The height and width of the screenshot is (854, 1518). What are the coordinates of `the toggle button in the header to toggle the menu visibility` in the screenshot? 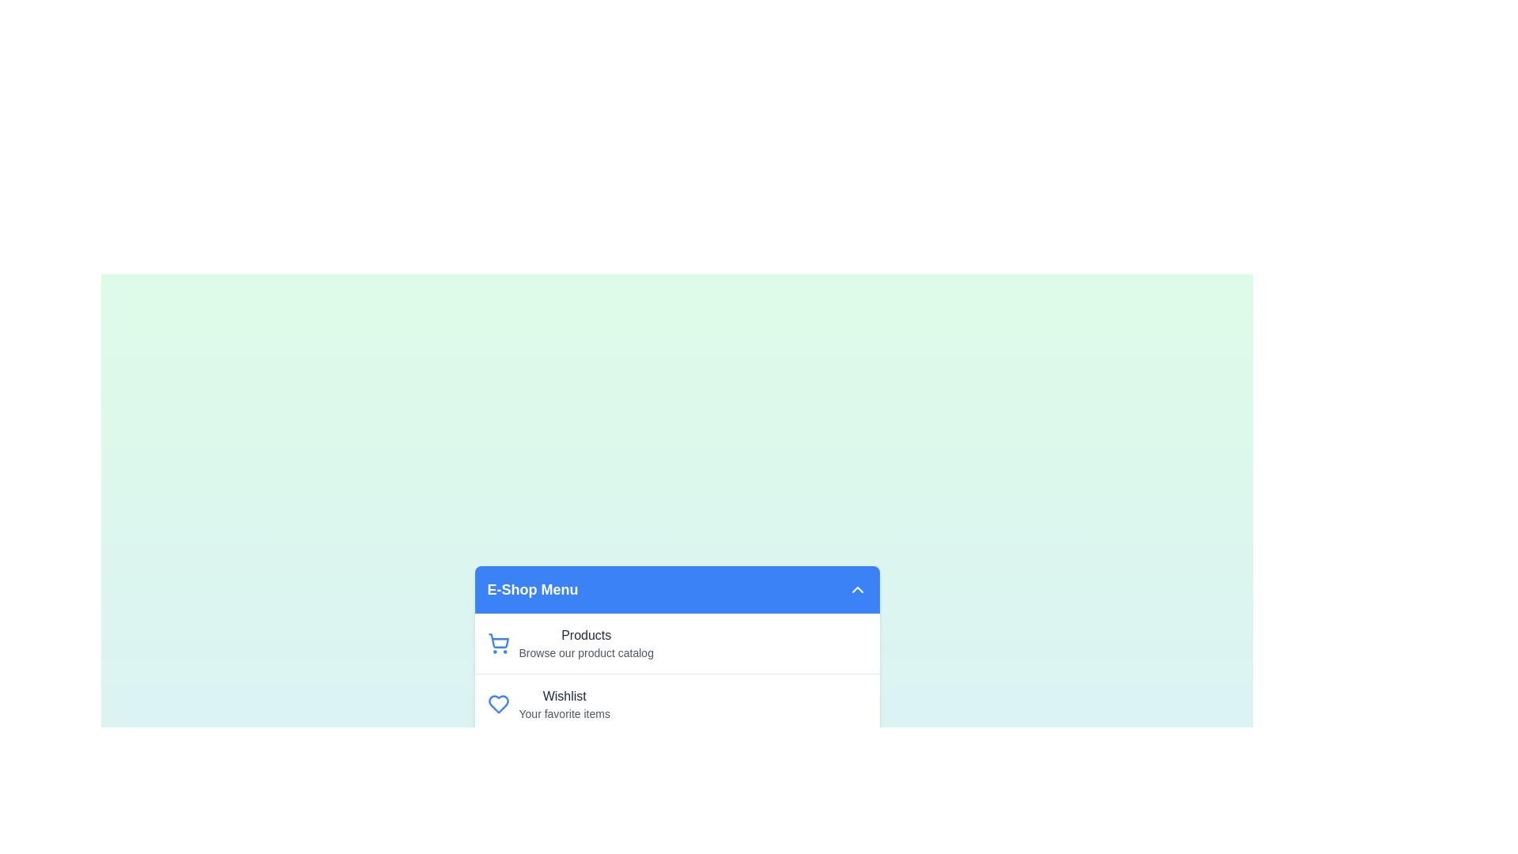 It's located at (856, 589).